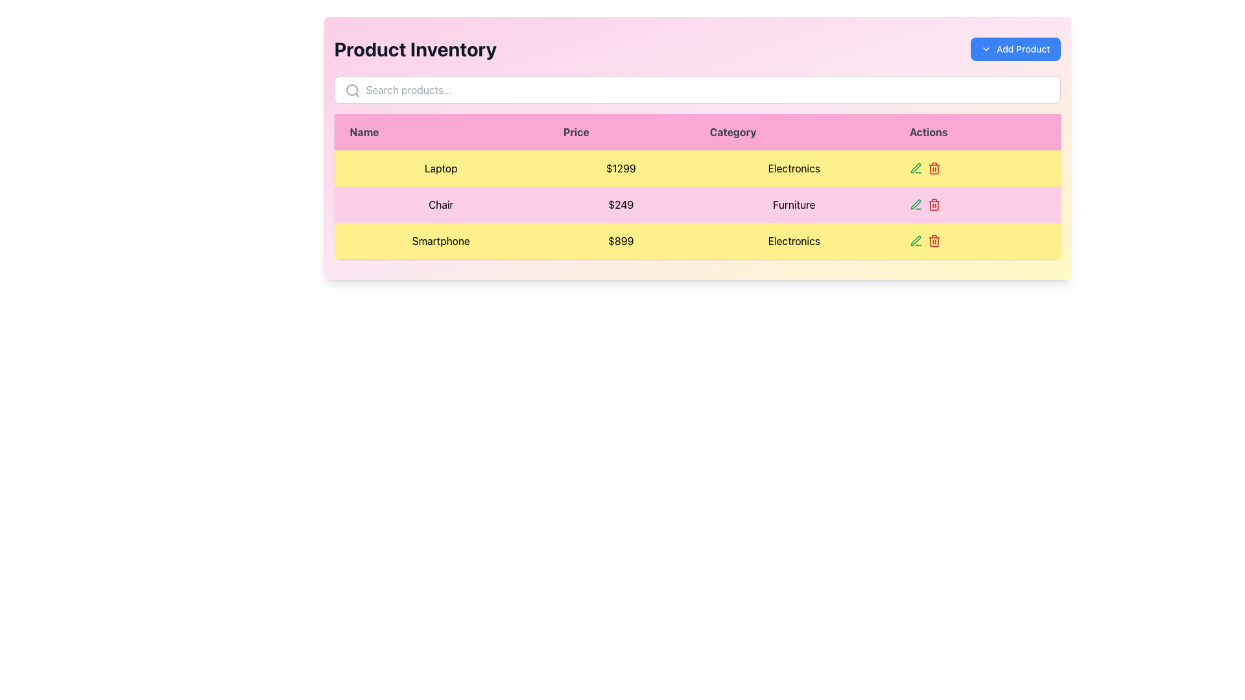 The height and width of the screenshot is (700, 1245). I want to click on the Static Text element that displays the price of the 'Smartphone' product in the inventory table, located between the 'Name' and 'Category' fields, so click(620, 240).